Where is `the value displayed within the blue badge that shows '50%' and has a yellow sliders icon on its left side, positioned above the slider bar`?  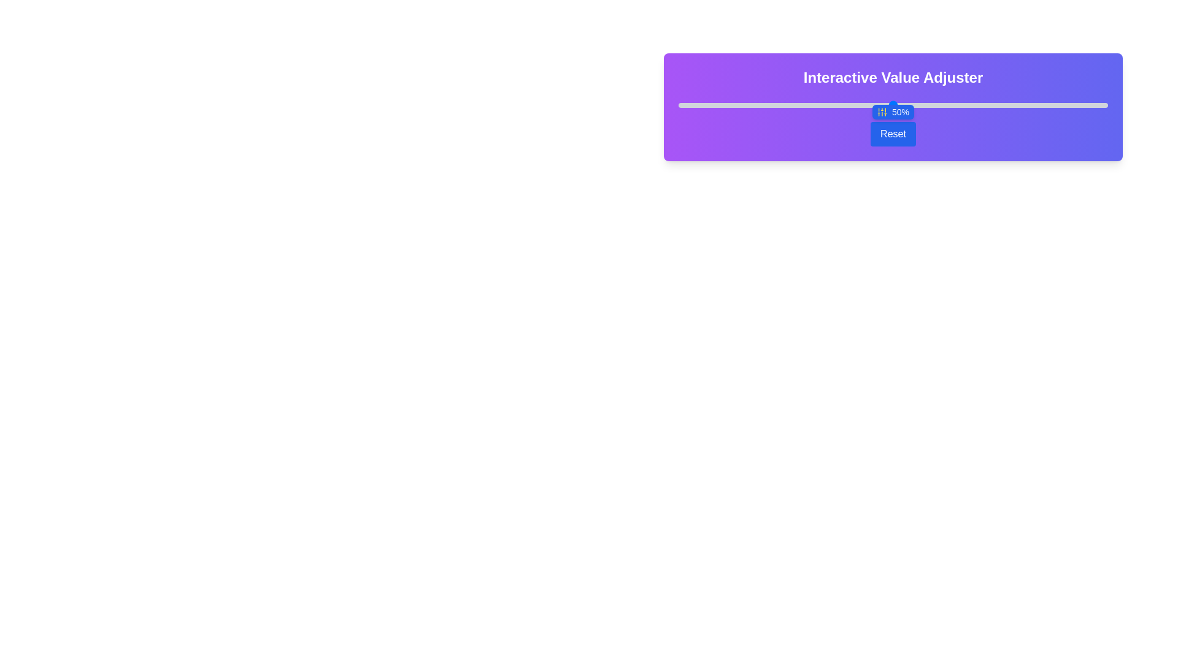
the value displayed within the blue badge that shows '50%' and has a yellow sliders icon on its left side, positioned above the slider bar is located at coordinates (893, 112).